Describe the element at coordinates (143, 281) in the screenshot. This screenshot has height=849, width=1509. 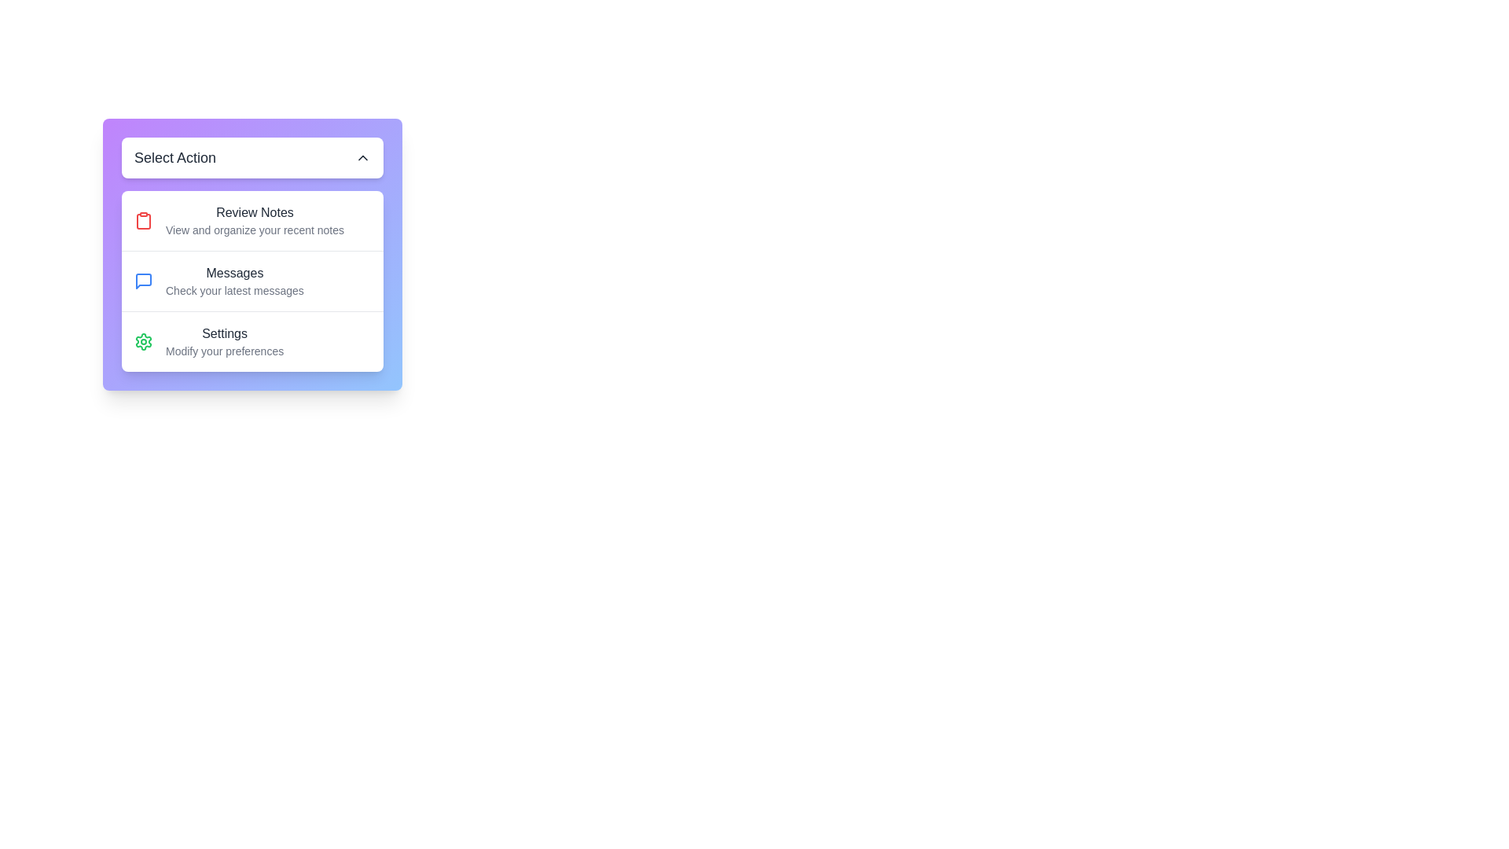
I see `the message or chat bubble icon` at that location.